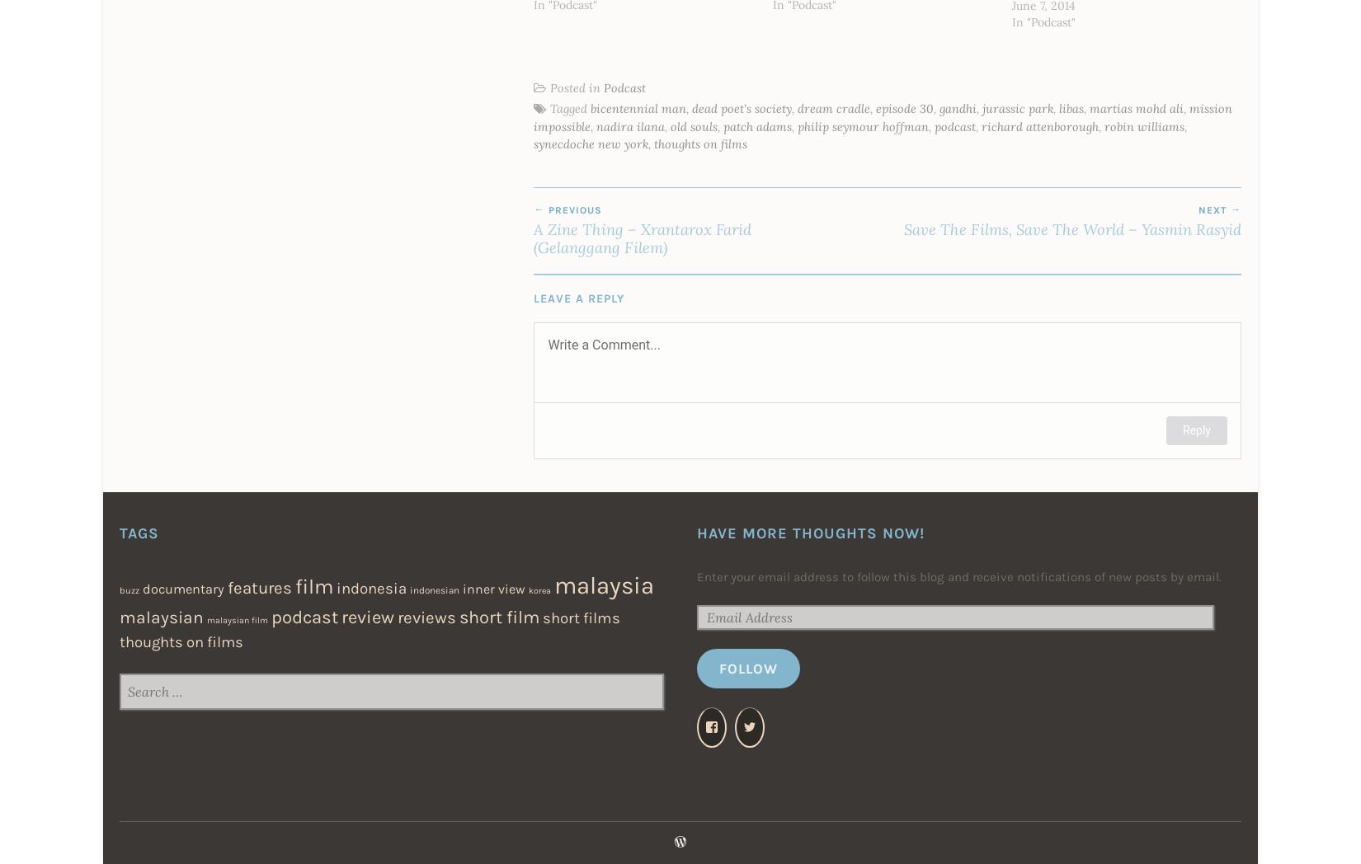 The width and height of the screenshot is (1361, 864). Describe the element at coordinates (629, 126) in the screenshot. I see `'nadira ilana'` at that location.